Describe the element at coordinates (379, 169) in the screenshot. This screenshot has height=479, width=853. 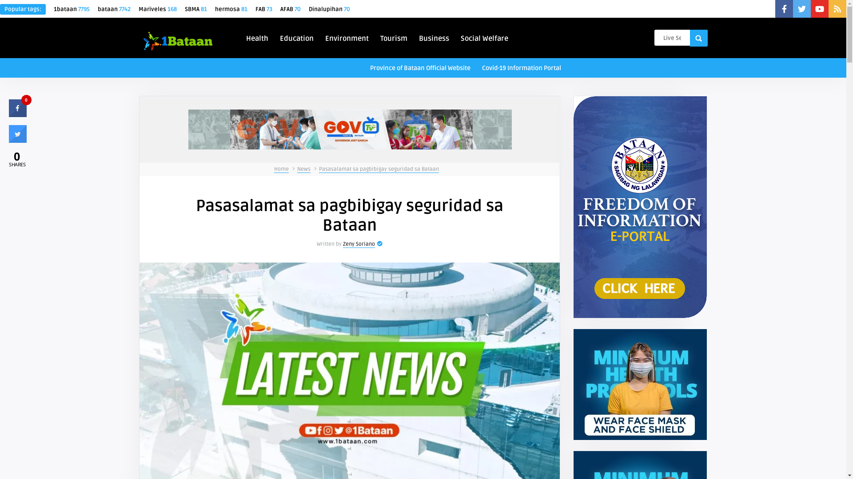
I see `'Pasasalamat sa pagbibigay seguridad sa Bataan'` at that location.